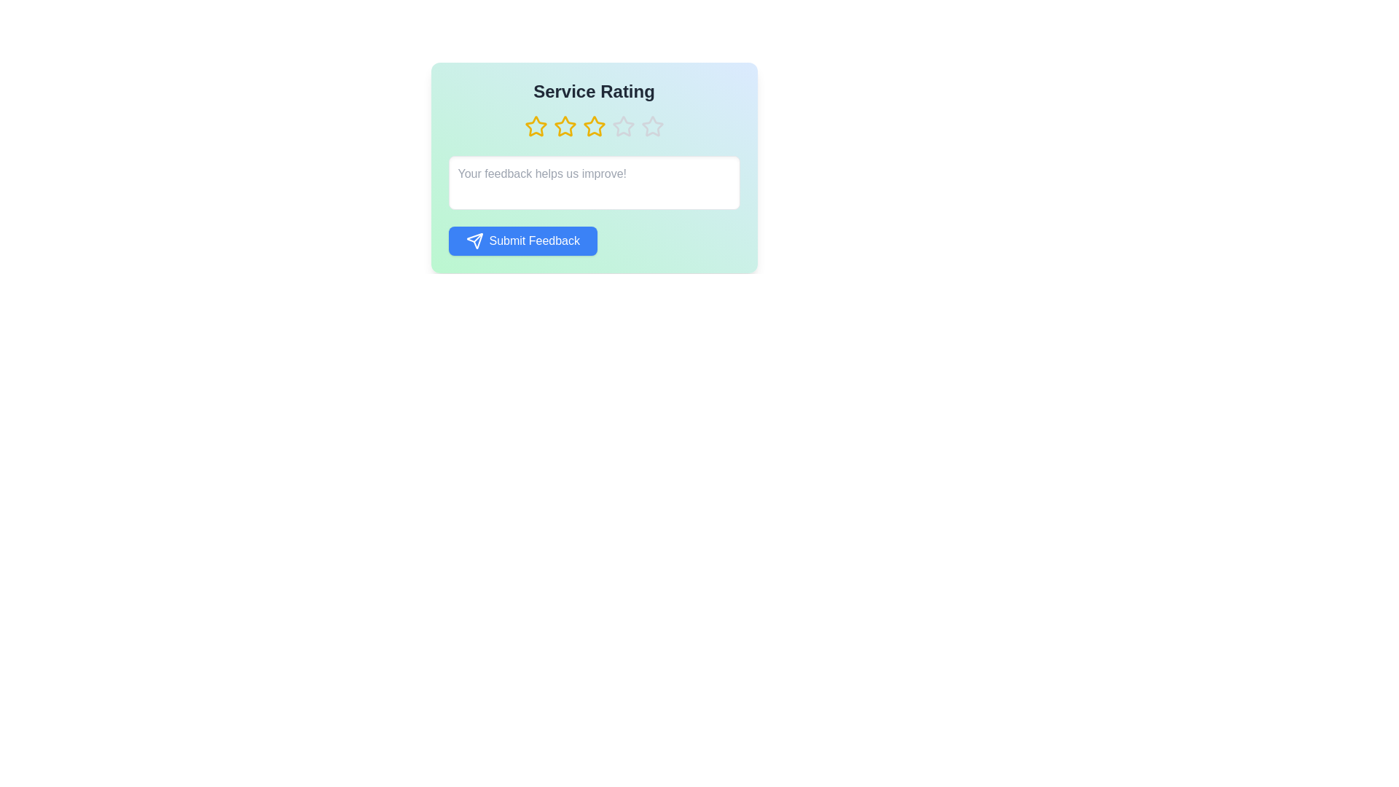 Image resolution: width=1399 pixels, height=787 pixels. I want to click on the third yellow star icon in the 'Service Rating' component for a visual response, so click(594, 125).